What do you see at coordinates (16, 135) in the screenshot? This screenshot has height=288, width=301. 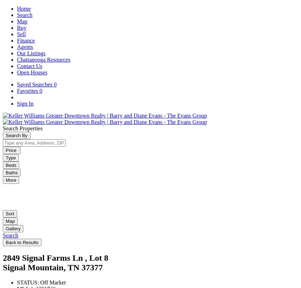 I see `'Search By'` at bounding box center [16, 135].